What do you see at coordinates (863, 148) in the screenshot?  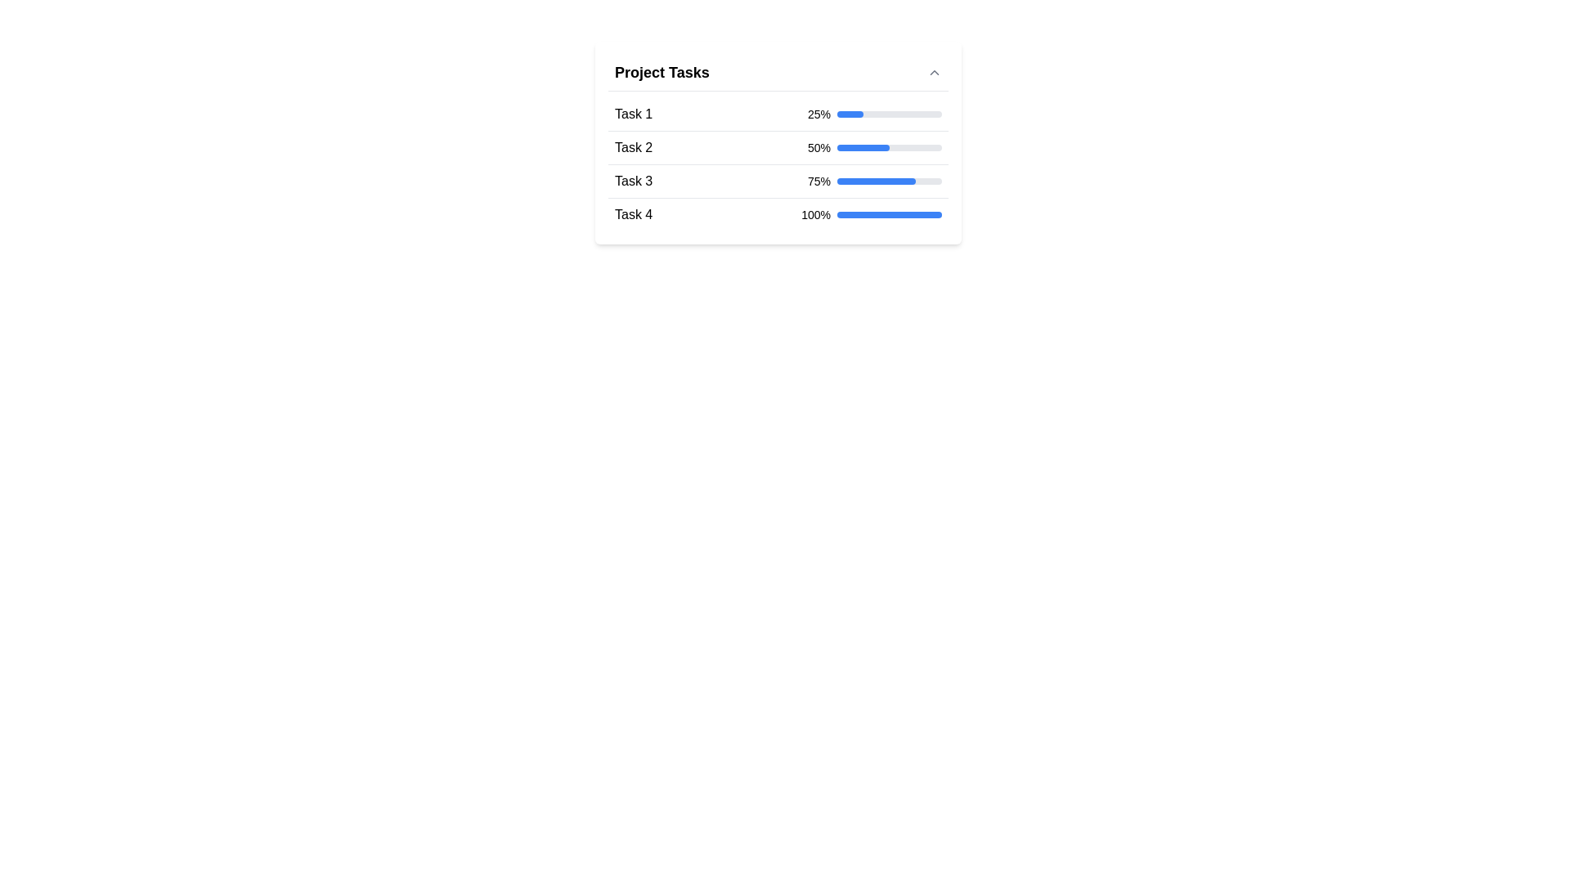 I see `the blue rounded progress indicator that visually represents the completion percentage of the second task within the gray rectangular progress bar` at bounding box center [863, 148].